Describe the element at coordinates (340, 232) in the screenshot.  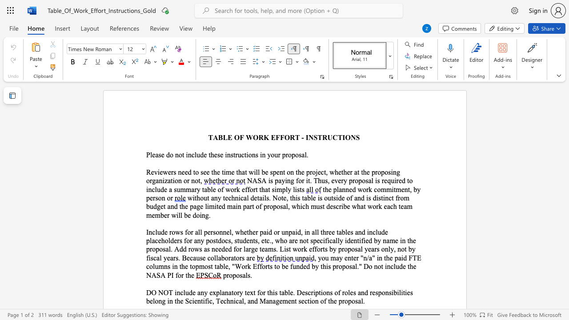
I see `the 5th character "a" in the text` at that location.